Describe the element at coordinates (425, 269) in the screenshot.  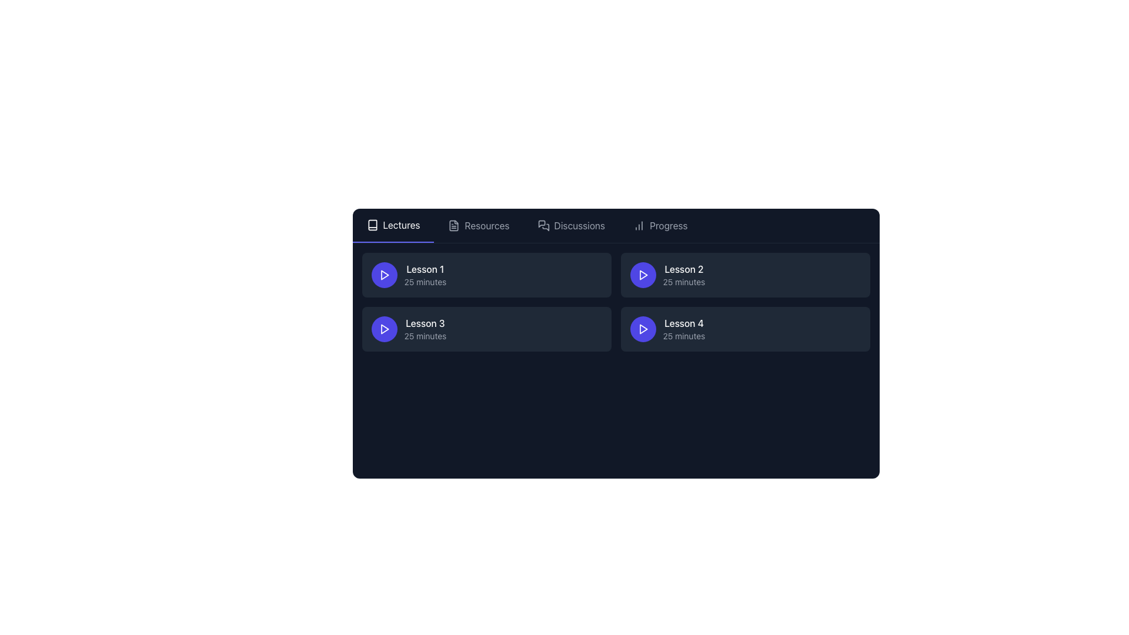
I see `text content of the 'Lesson 1' label which is located on the top-left part of the first card in the grid layout, rendered in white color and medium-weight font style` at that location.